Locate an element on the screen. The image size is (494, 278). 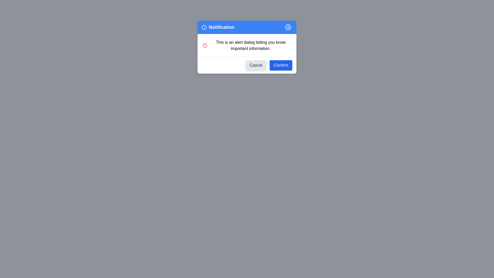
the close button area of the notification dialog box, which contains the SVG circle element is located at coordinates (288, 27).